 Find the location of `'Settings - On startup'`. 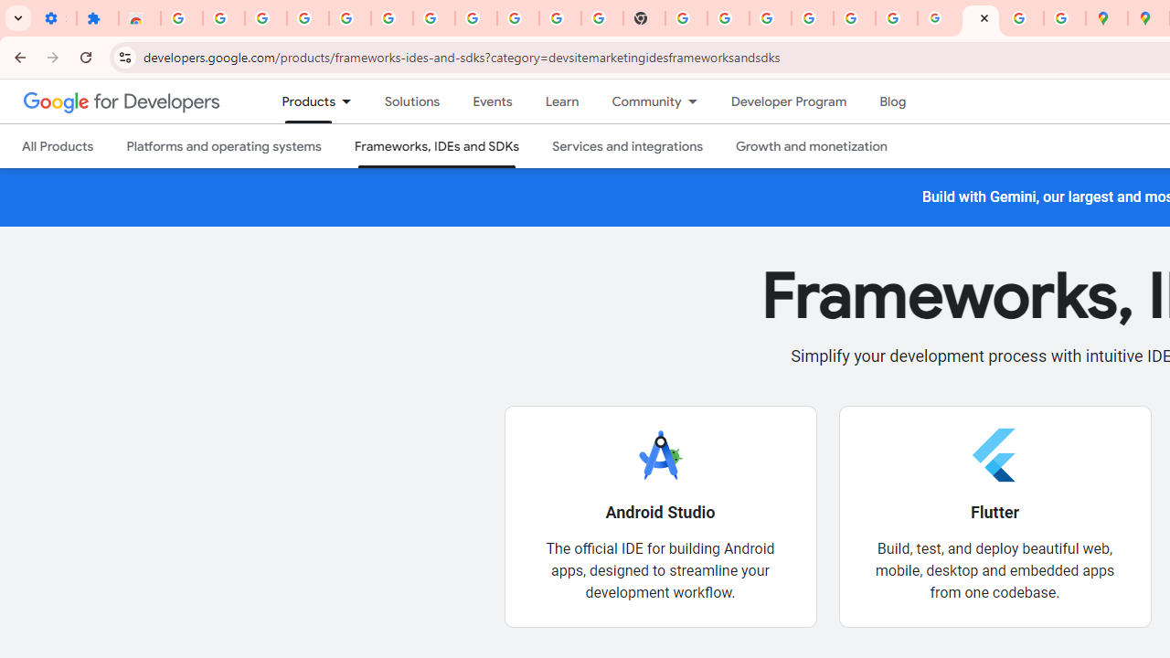

'Settings - On startup' is located at coordinates (55, 18).